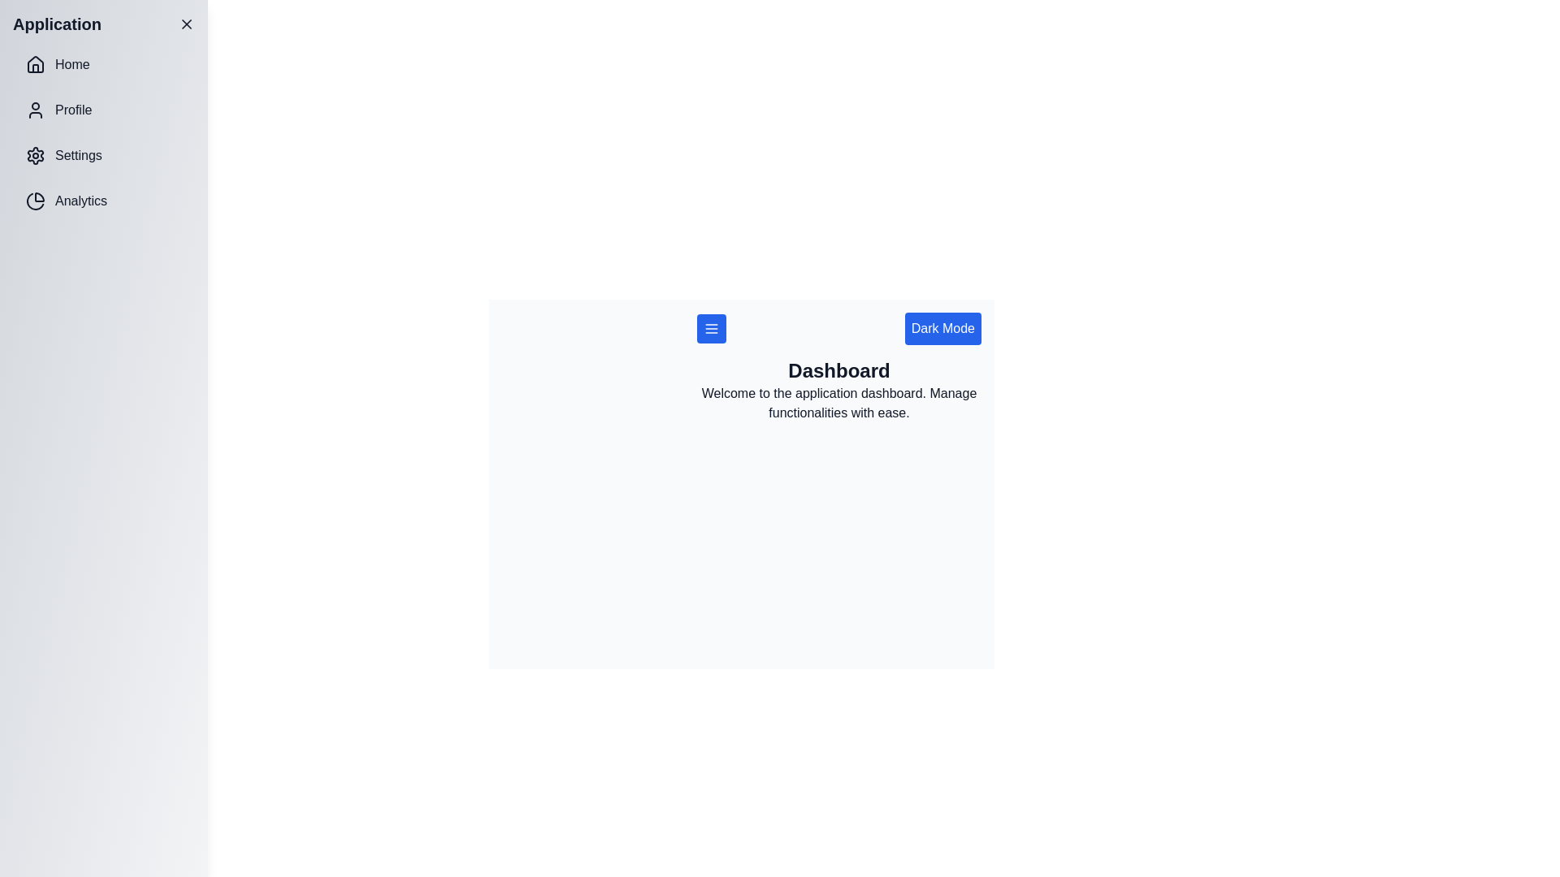 Image resolution: width=1560 pixels, height=877 pixels. I want to click on the navigation label for analytics in the vertical menu bar, so click(80, 200).